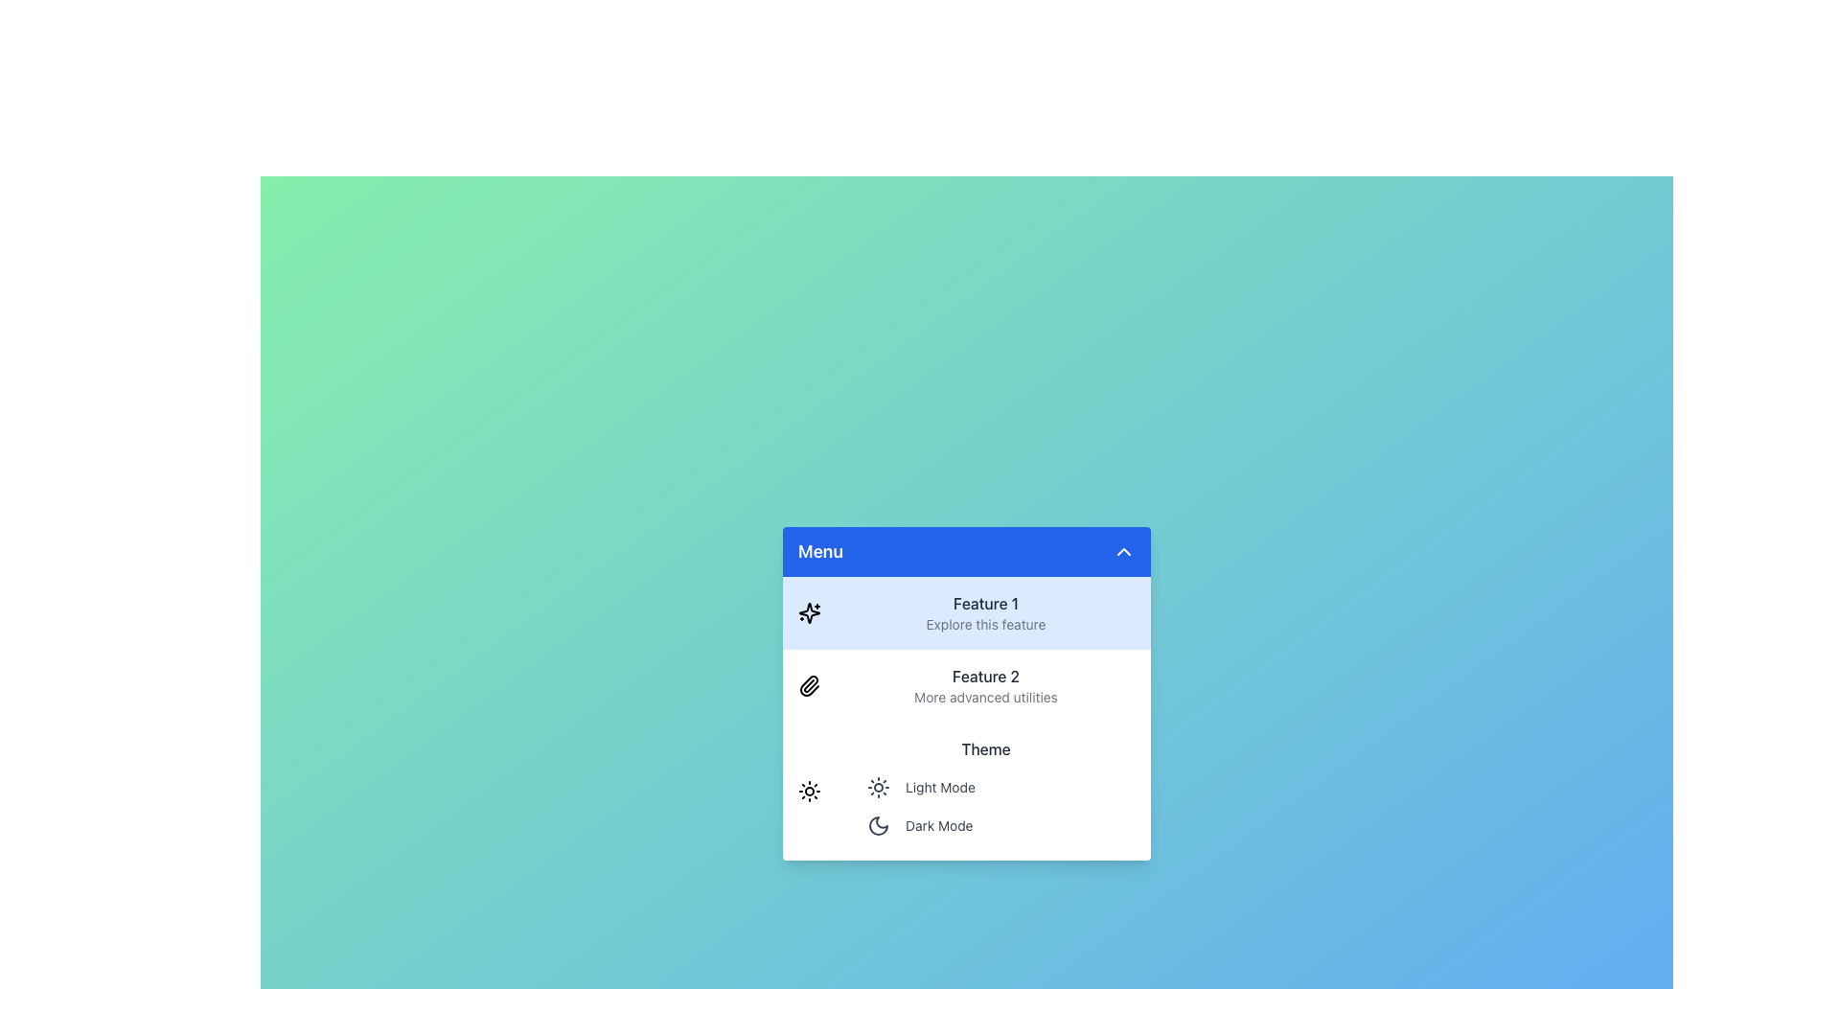 This screenshot has width=1840, height=1035. I want to click on the icon representing 'Feature 1' located in the second section of the menu interface, so click(809, 613).